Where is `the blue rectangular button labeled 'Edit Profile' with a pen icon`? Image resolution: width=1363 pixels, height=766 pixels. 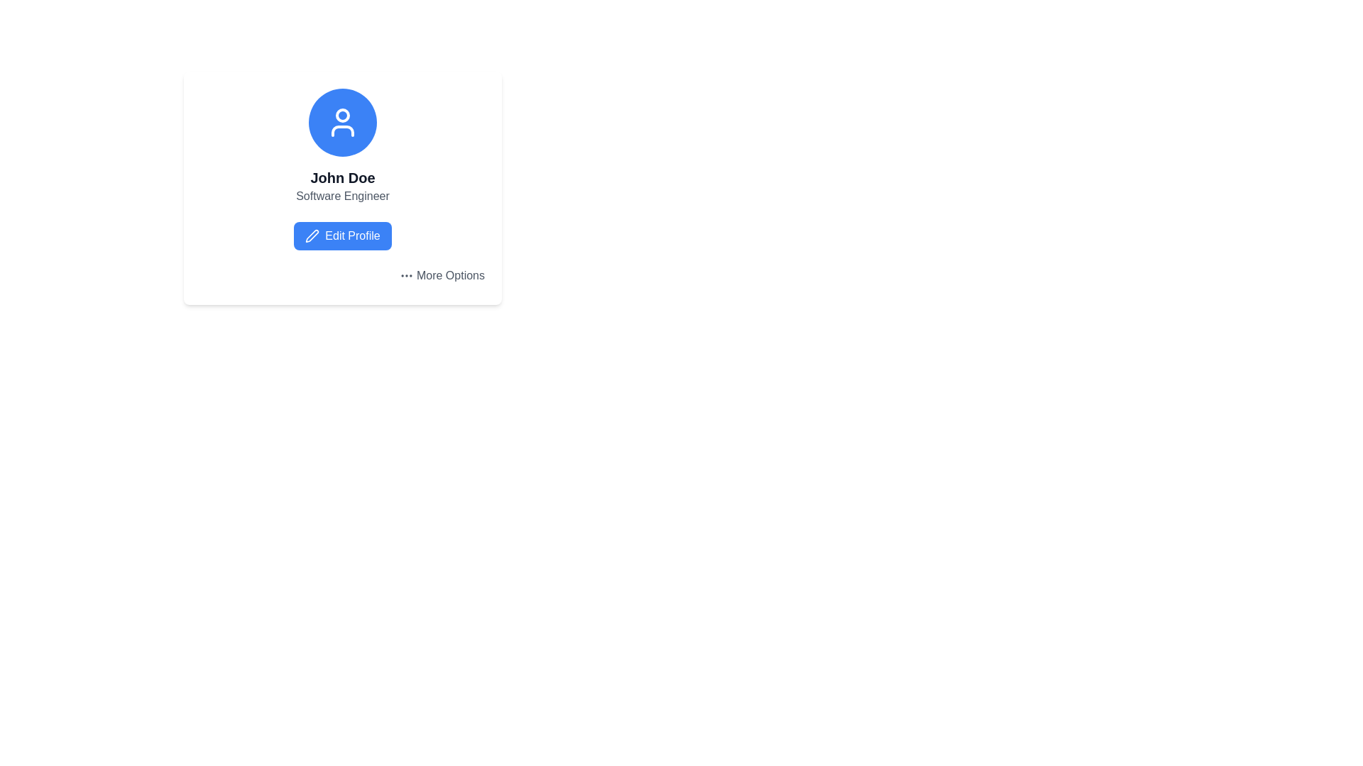
the blue rectangular button labeled 'Edit Profile' with a pen icon is located at coordinates (343, 235).